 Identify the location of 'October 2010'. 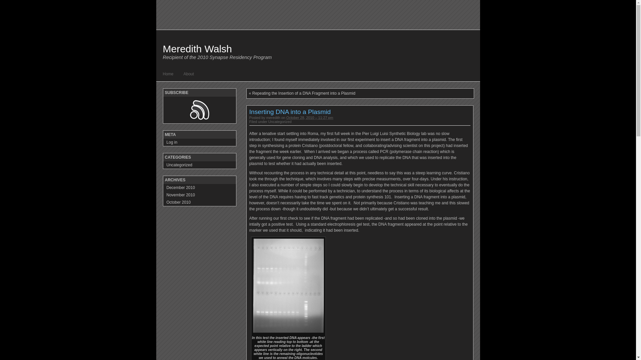
(199, 202).